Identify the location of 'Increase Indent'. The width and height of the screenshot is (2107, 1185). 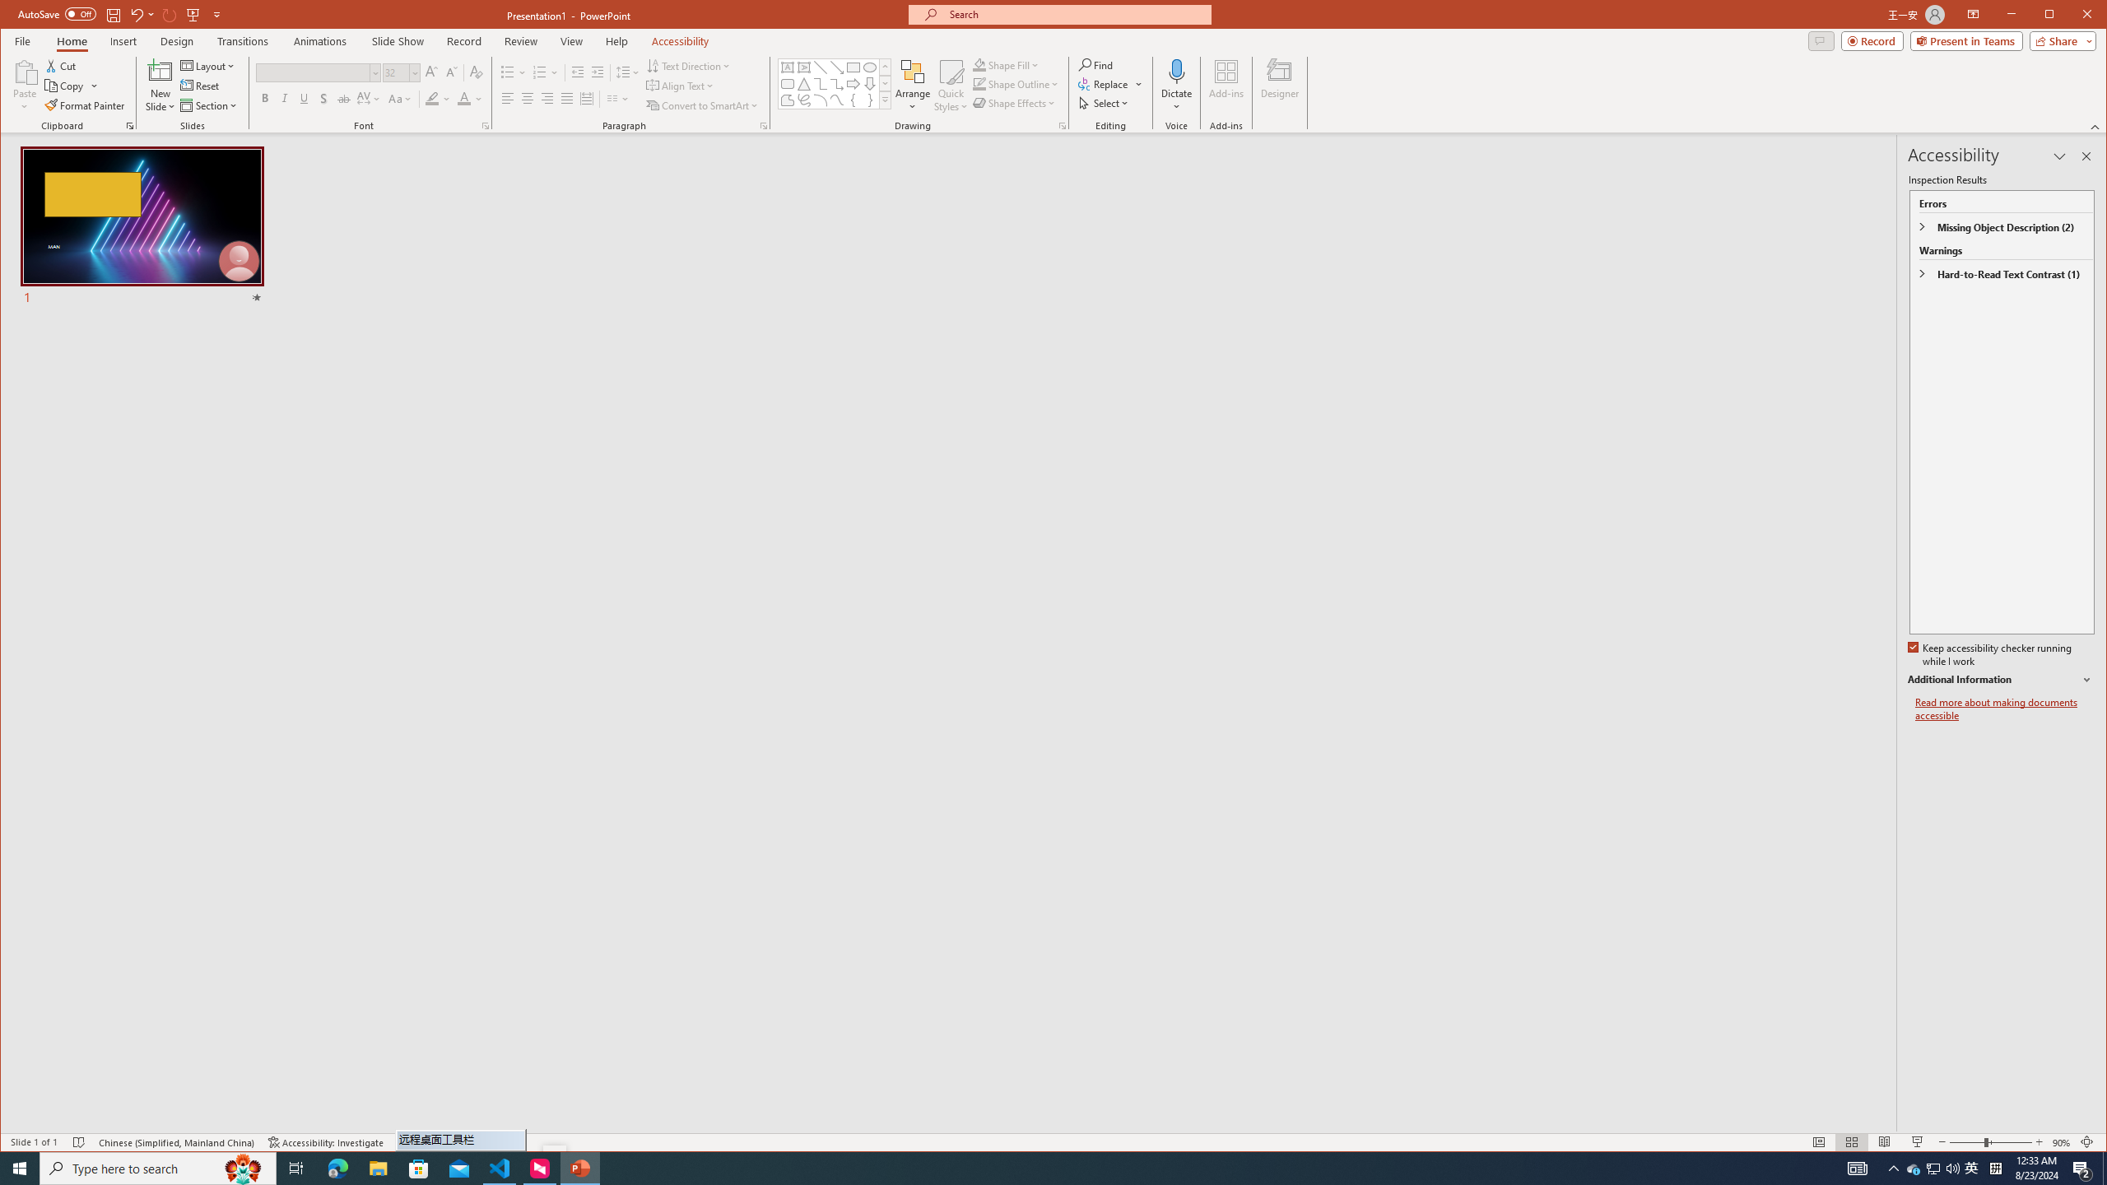
(597, 72).